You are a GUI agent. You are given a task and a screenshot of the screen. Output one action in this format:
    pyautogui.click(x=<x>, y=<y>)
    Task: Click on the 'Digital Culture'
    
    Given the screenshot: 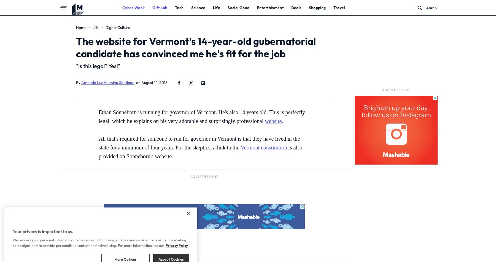 What is the action you would take?
    pyautogui.click(x=118, y=27)
    